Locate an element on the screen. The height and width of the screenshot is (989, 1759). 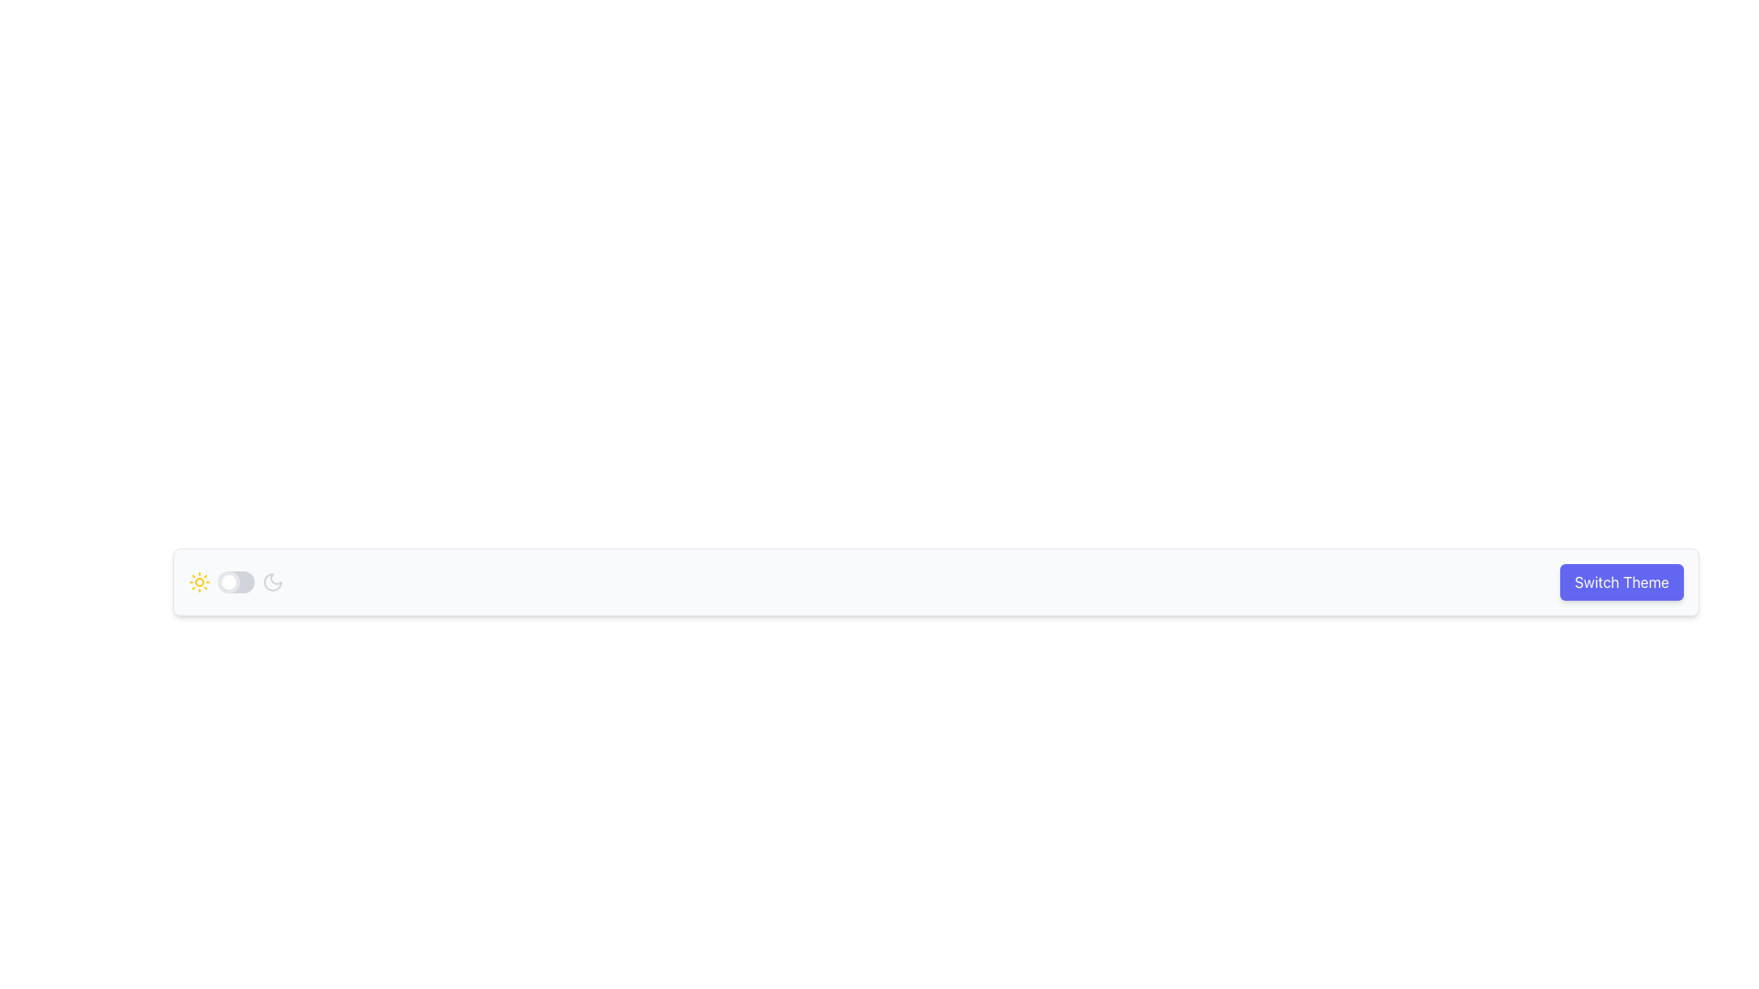
the toggle switch for theme selection located between the sun and moon icons to provide additional visual feedback is located at coordinates (235, 582).